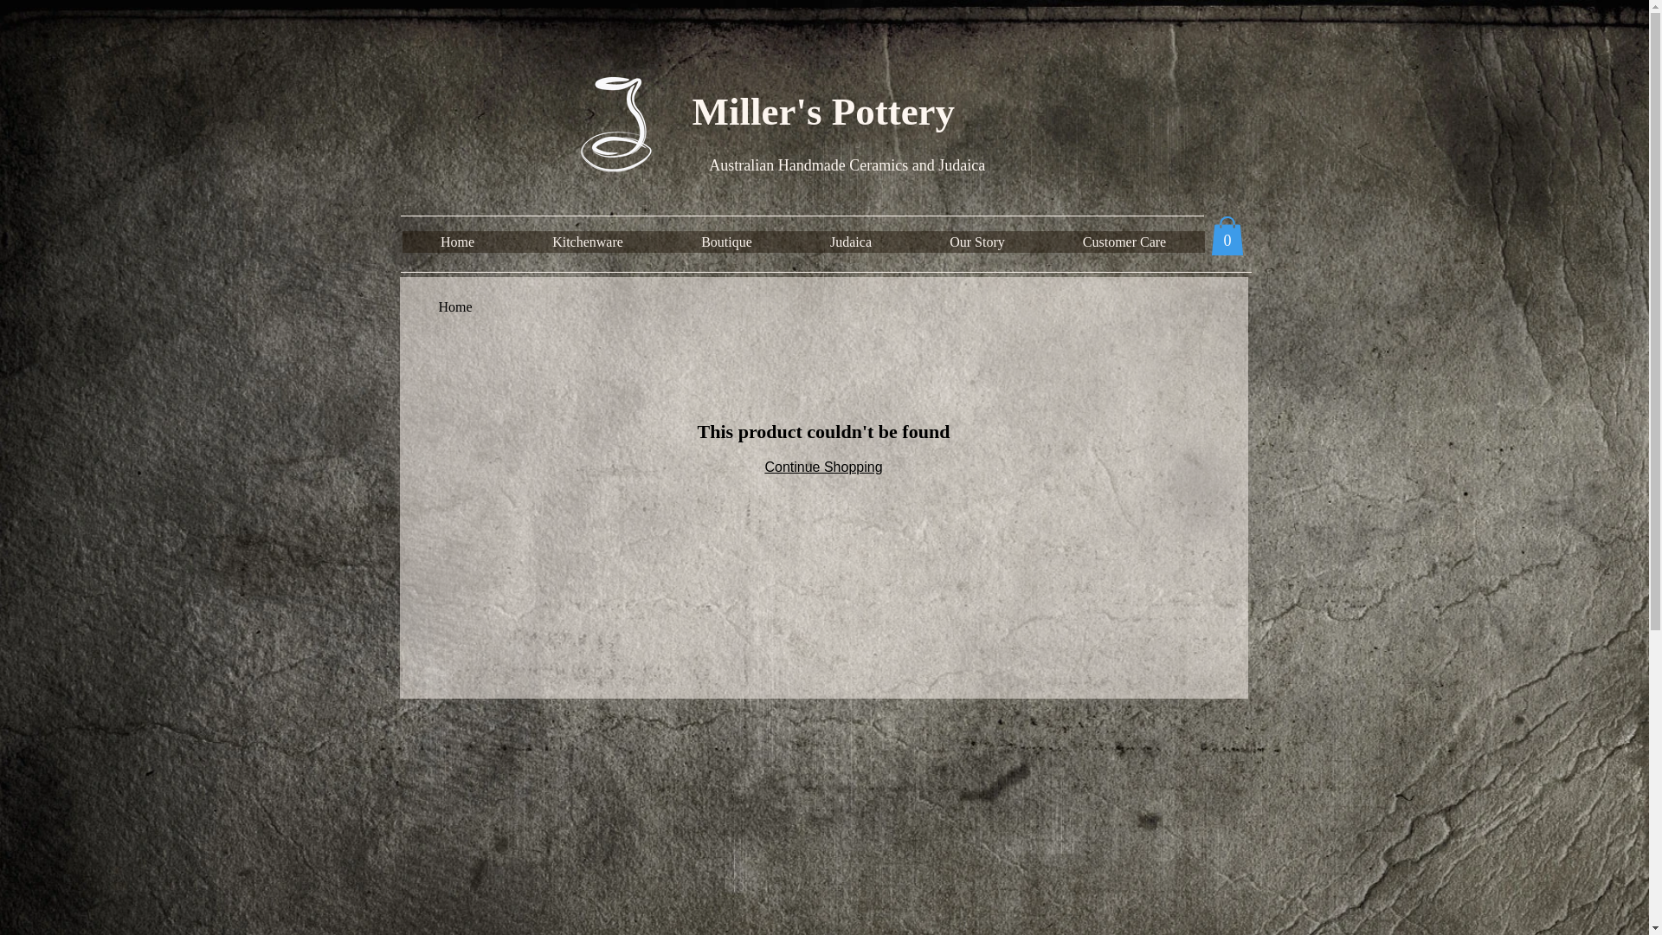  I want to click on '0', so click(1225, 235).